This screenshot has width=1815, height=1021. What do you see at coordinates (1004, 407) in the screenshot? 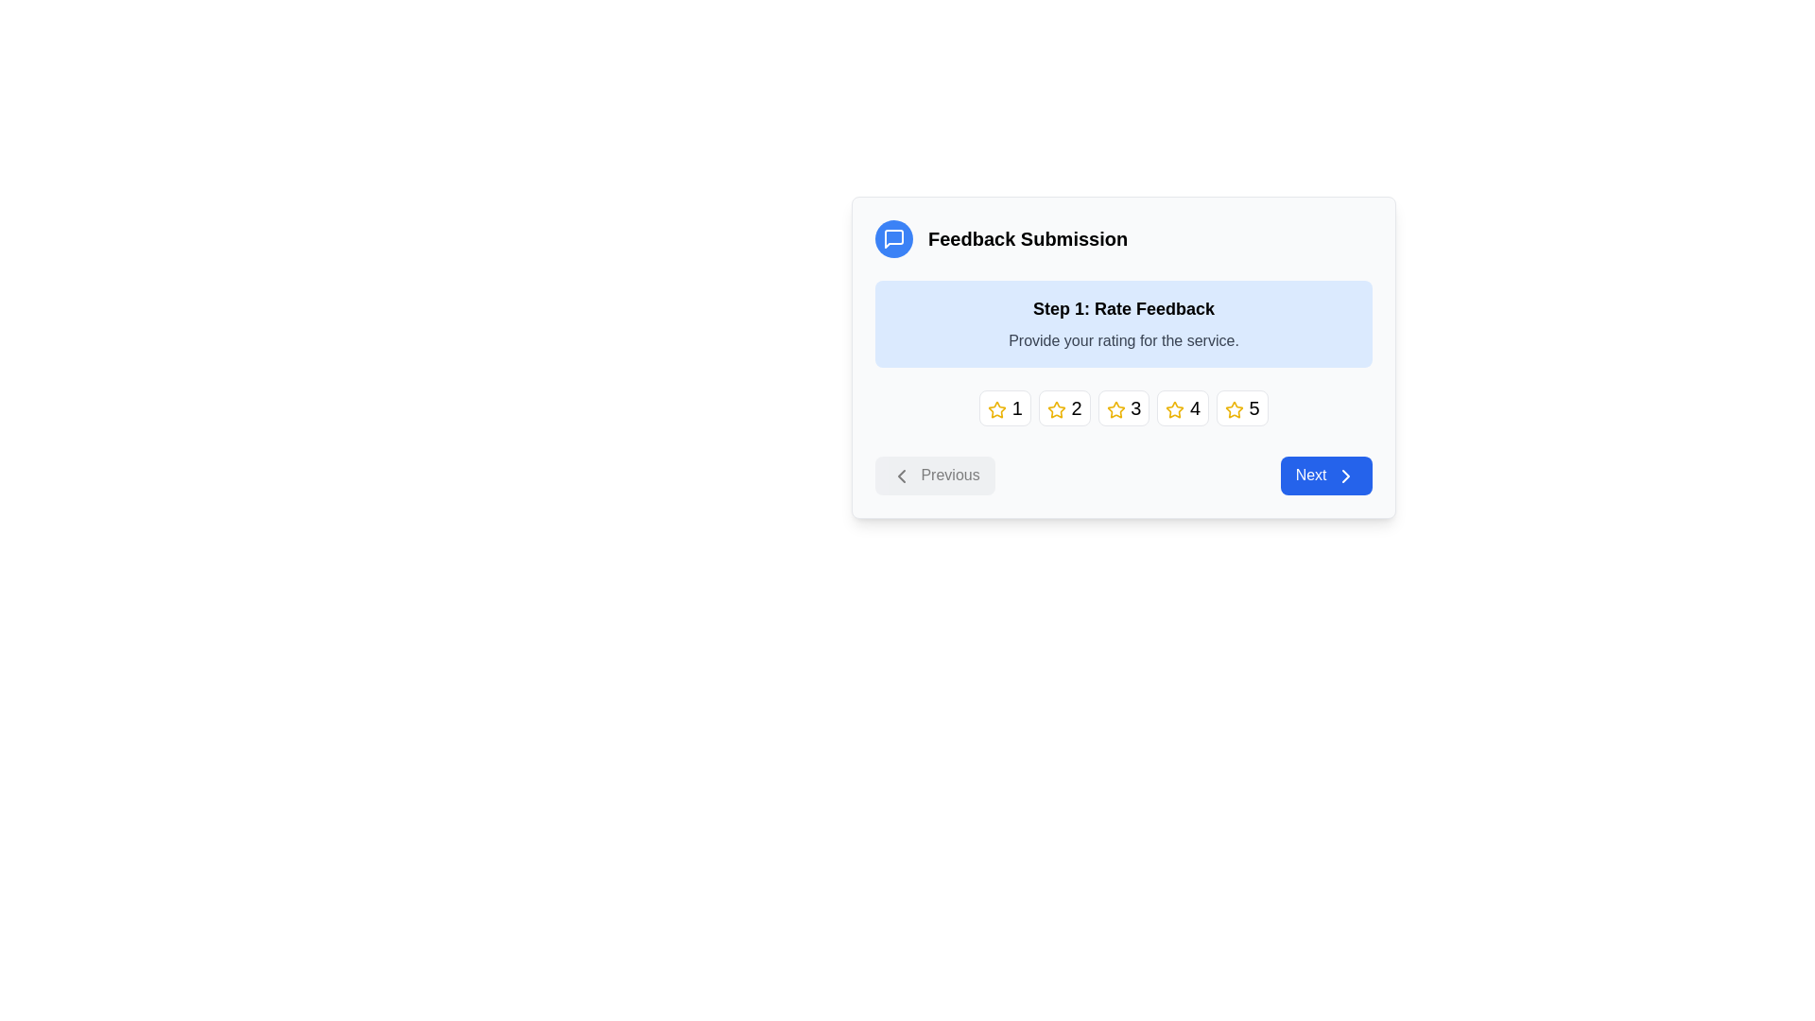
I see `the Rating Button displaying the numeral '1' beside a yellow star icon` at bounding box center [1004, 407].